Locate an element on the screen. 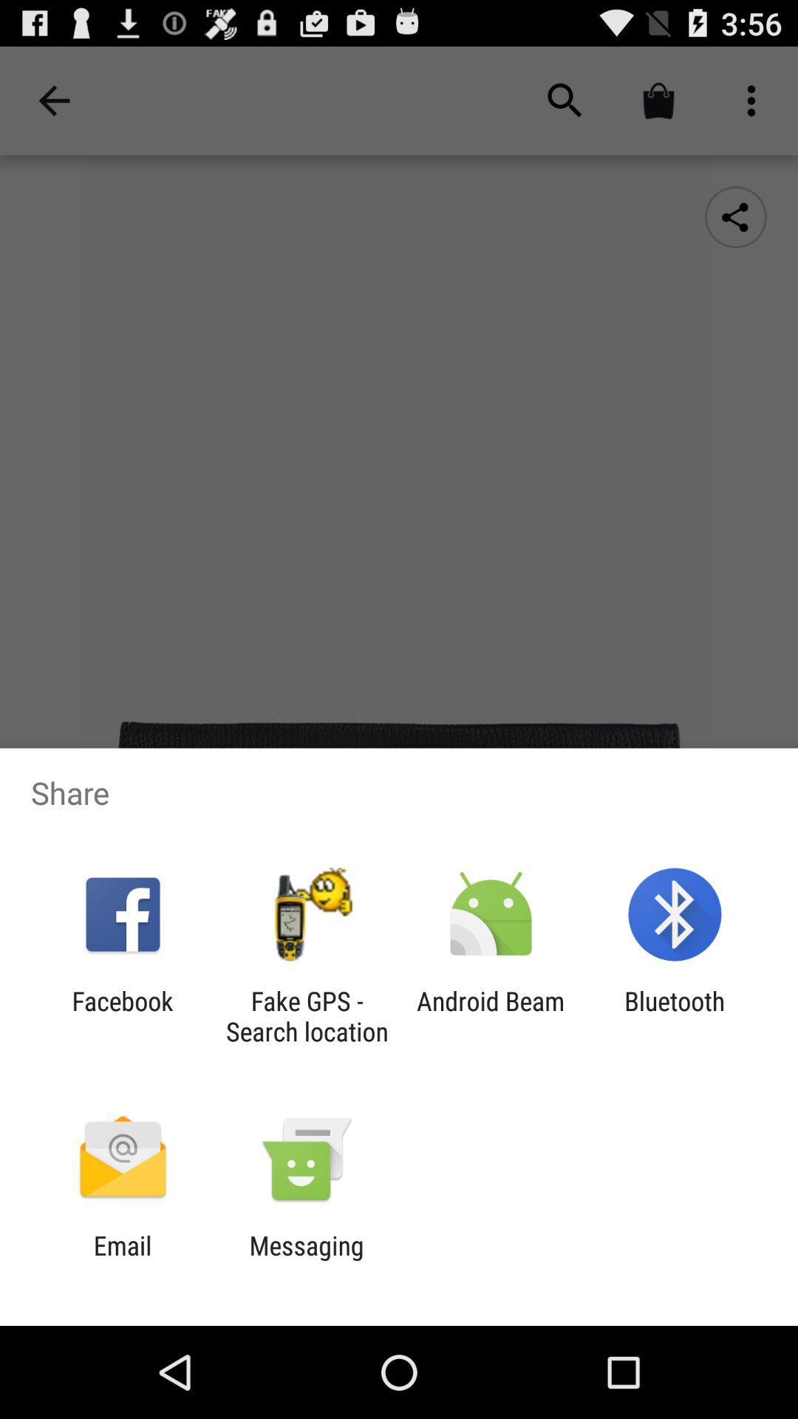 The image size is (798, 1419). item to the left of bluetooth item is located at coordinates (491, 1015).